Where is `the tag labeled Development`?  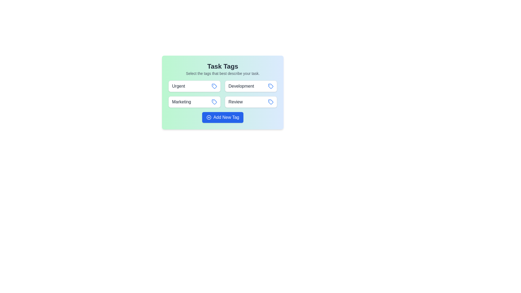
the tag labeled Development is located at coordinates (251, 86).